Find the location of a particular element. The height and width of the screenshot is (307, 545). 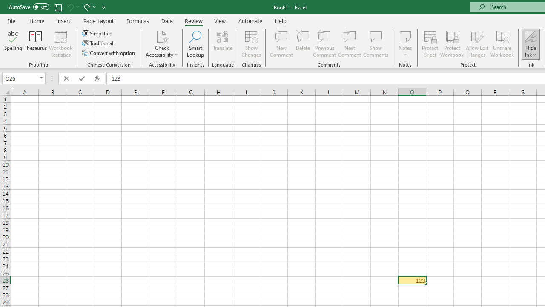

'System' is located at coordinates (4, 5).